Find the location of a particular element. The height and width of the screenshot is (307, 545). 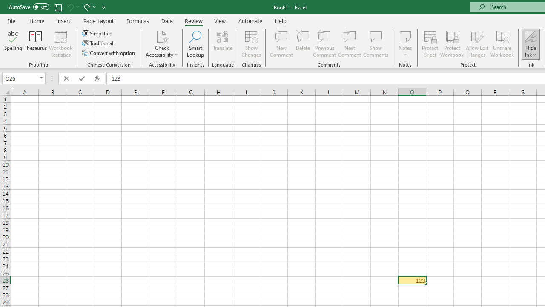

'System' is located at coordinates (4, 5).